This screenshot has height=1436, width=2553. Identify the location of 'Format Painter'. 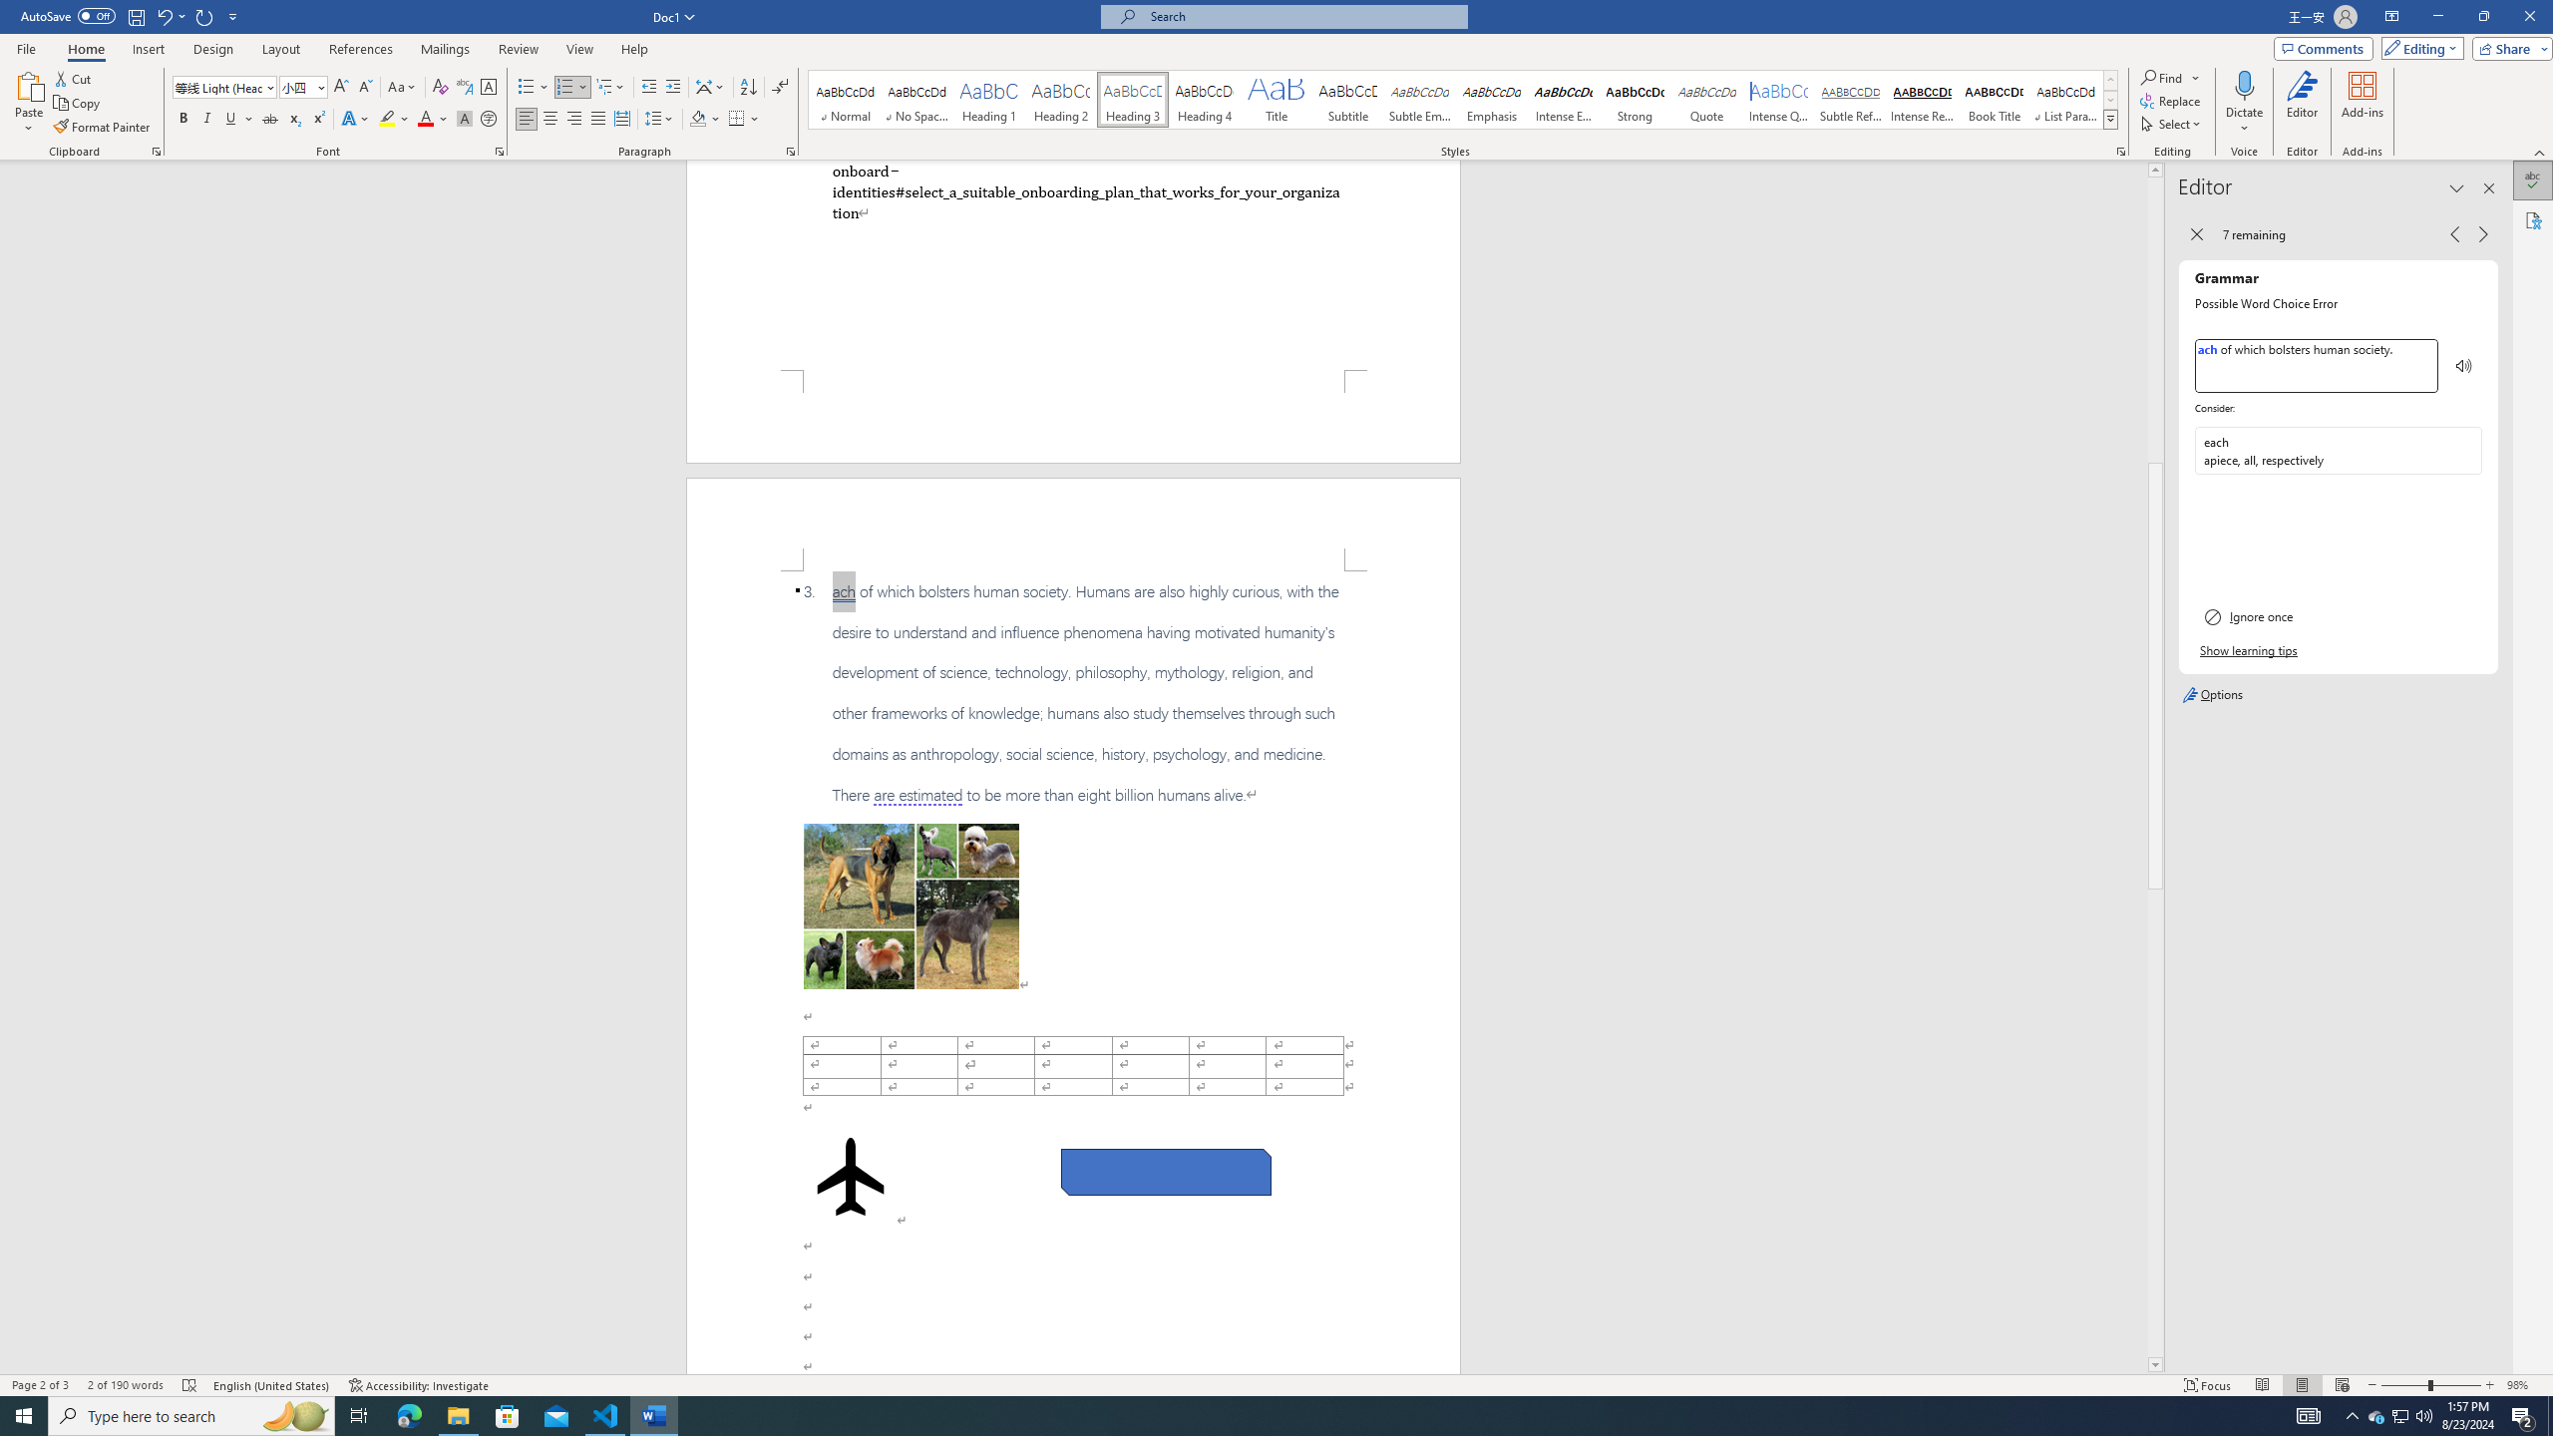
(102, 127).